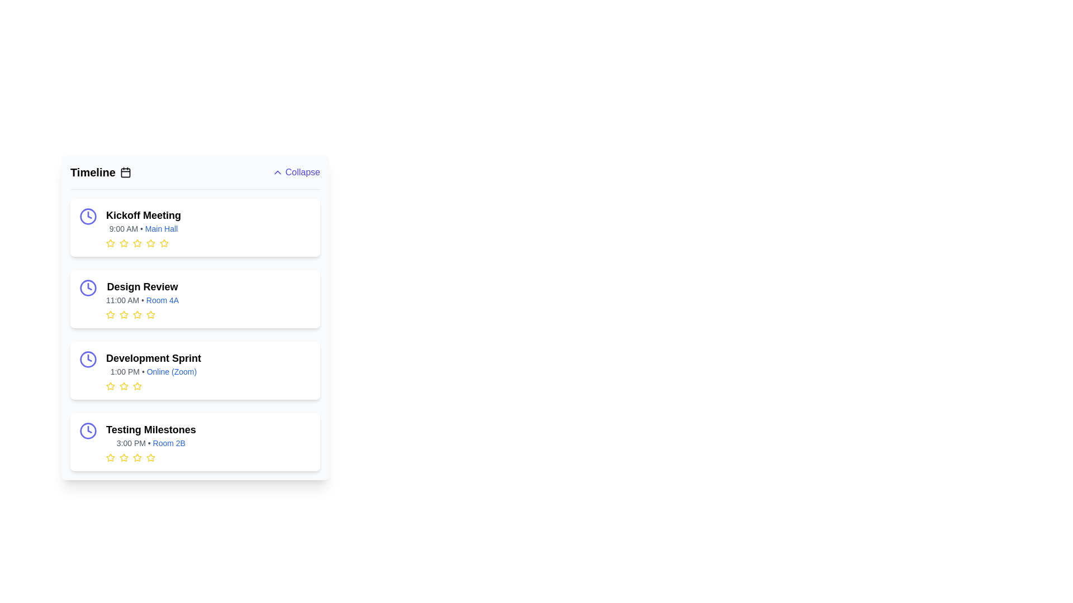 Image resolution: width=1073 pixels, height=603 pixels. What do you see at coordinates (143, 215) in the screenshot?
I see `the bold and prominently displayed text 'Kickoff Meeting' located at the top of the first event card in the timeline interface` at bounding box center [143, 215].